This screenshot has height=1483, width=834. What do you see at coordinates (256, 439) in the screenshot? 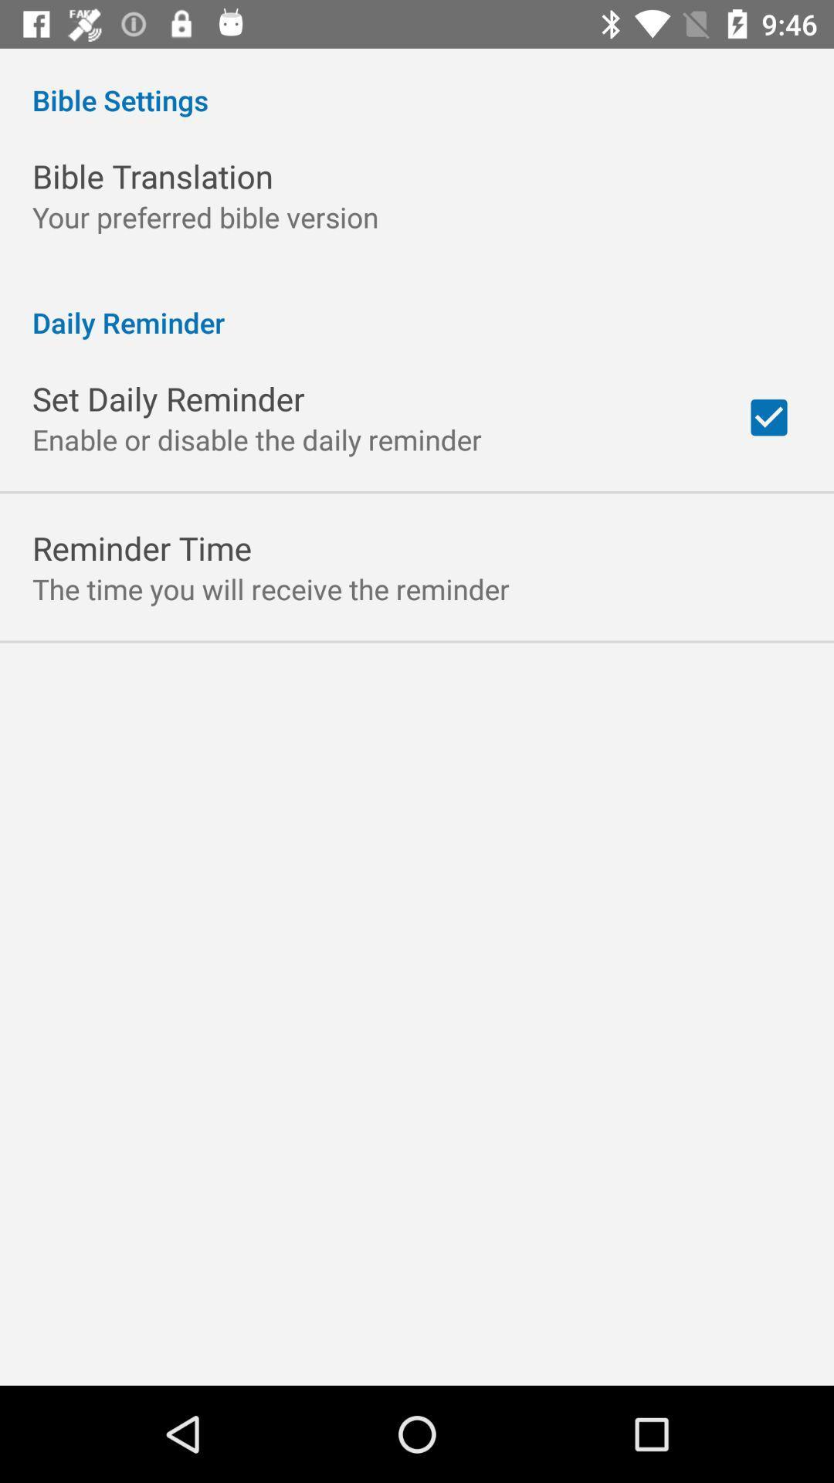
I see `the enable or disable item` at bounding box center [256, 439].